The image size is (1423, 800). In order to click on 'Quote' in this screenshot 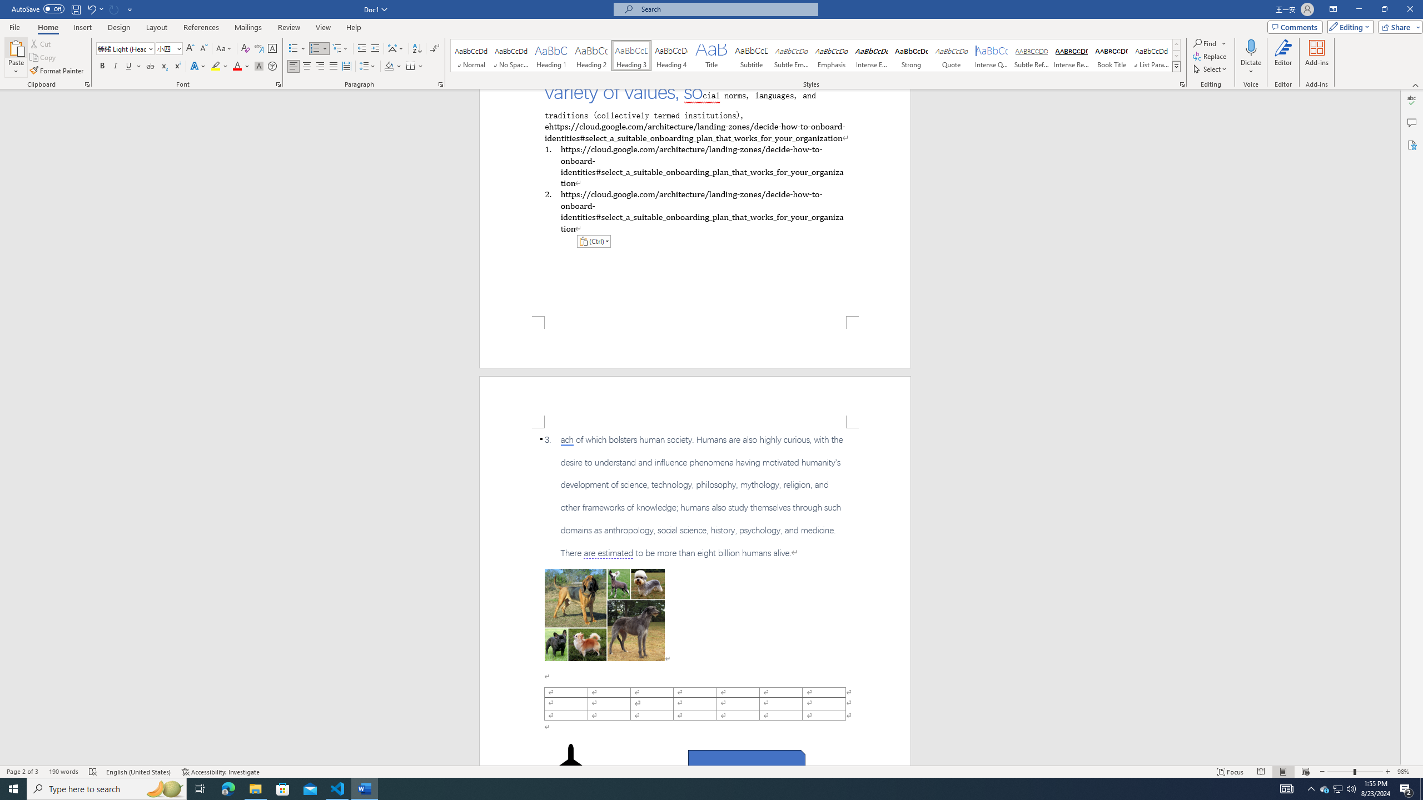, I will do `click(952, 55)`.